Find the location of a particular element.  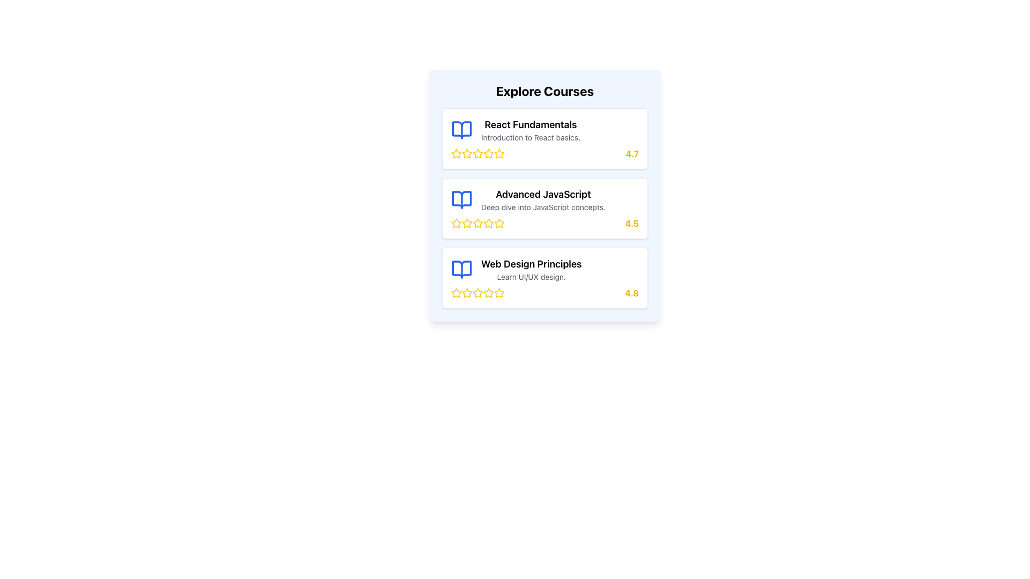

the SVG Icon representing the course category for 'Advanced JavaScript', located to the left of the course title and above its subtitle, without direct interaction is located at coordinates (461, 200).